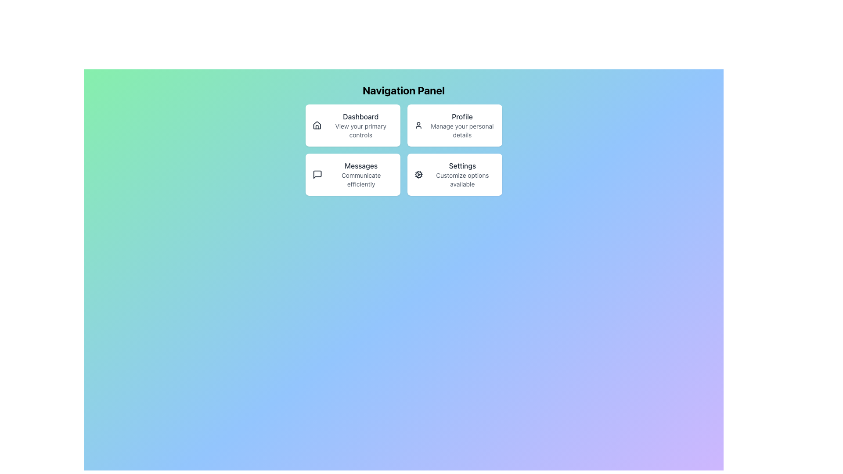  Describe the element at coordinates (361, 174) in the screenshot. I see `the text block titled 'Messages' with the subtitle 'Communicate efficiently', located in the first column of the second row in the navigation area` at that location.